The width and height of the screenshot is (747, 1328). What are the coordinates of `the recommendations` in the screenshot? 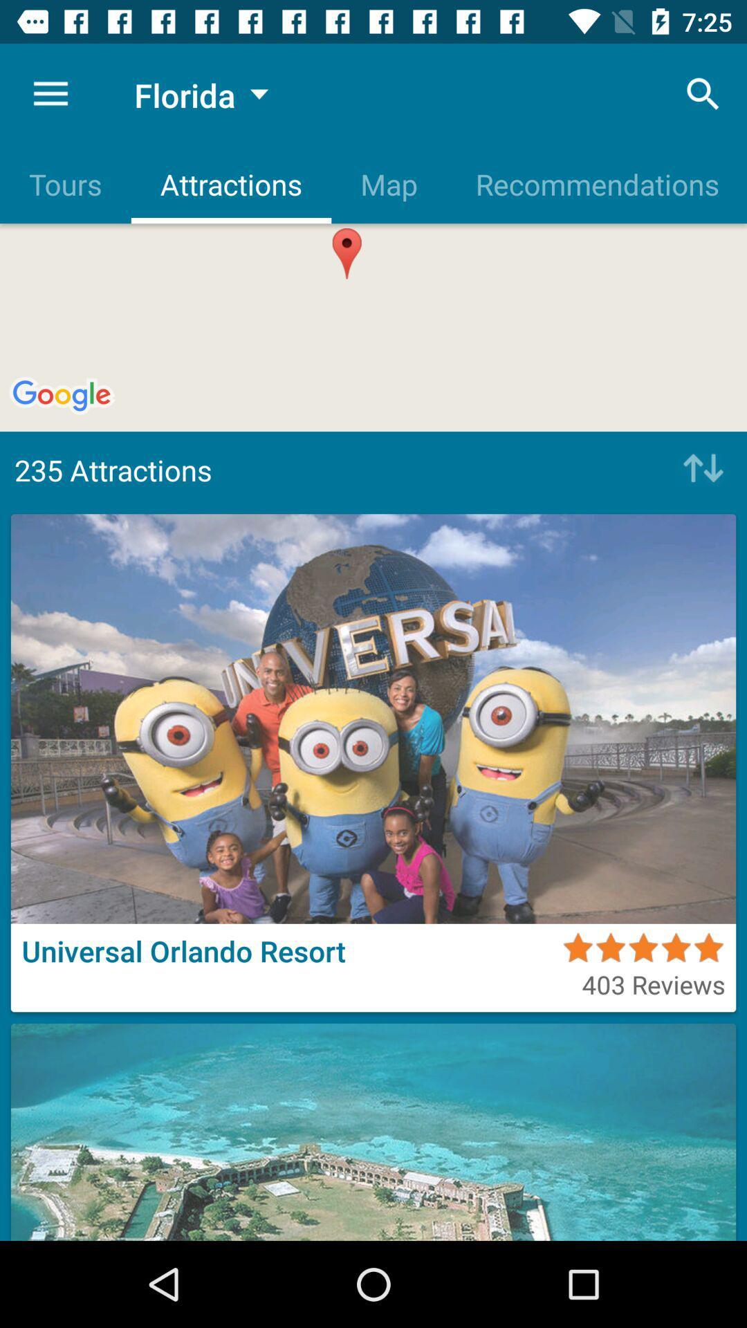 It's located at (596, 183).